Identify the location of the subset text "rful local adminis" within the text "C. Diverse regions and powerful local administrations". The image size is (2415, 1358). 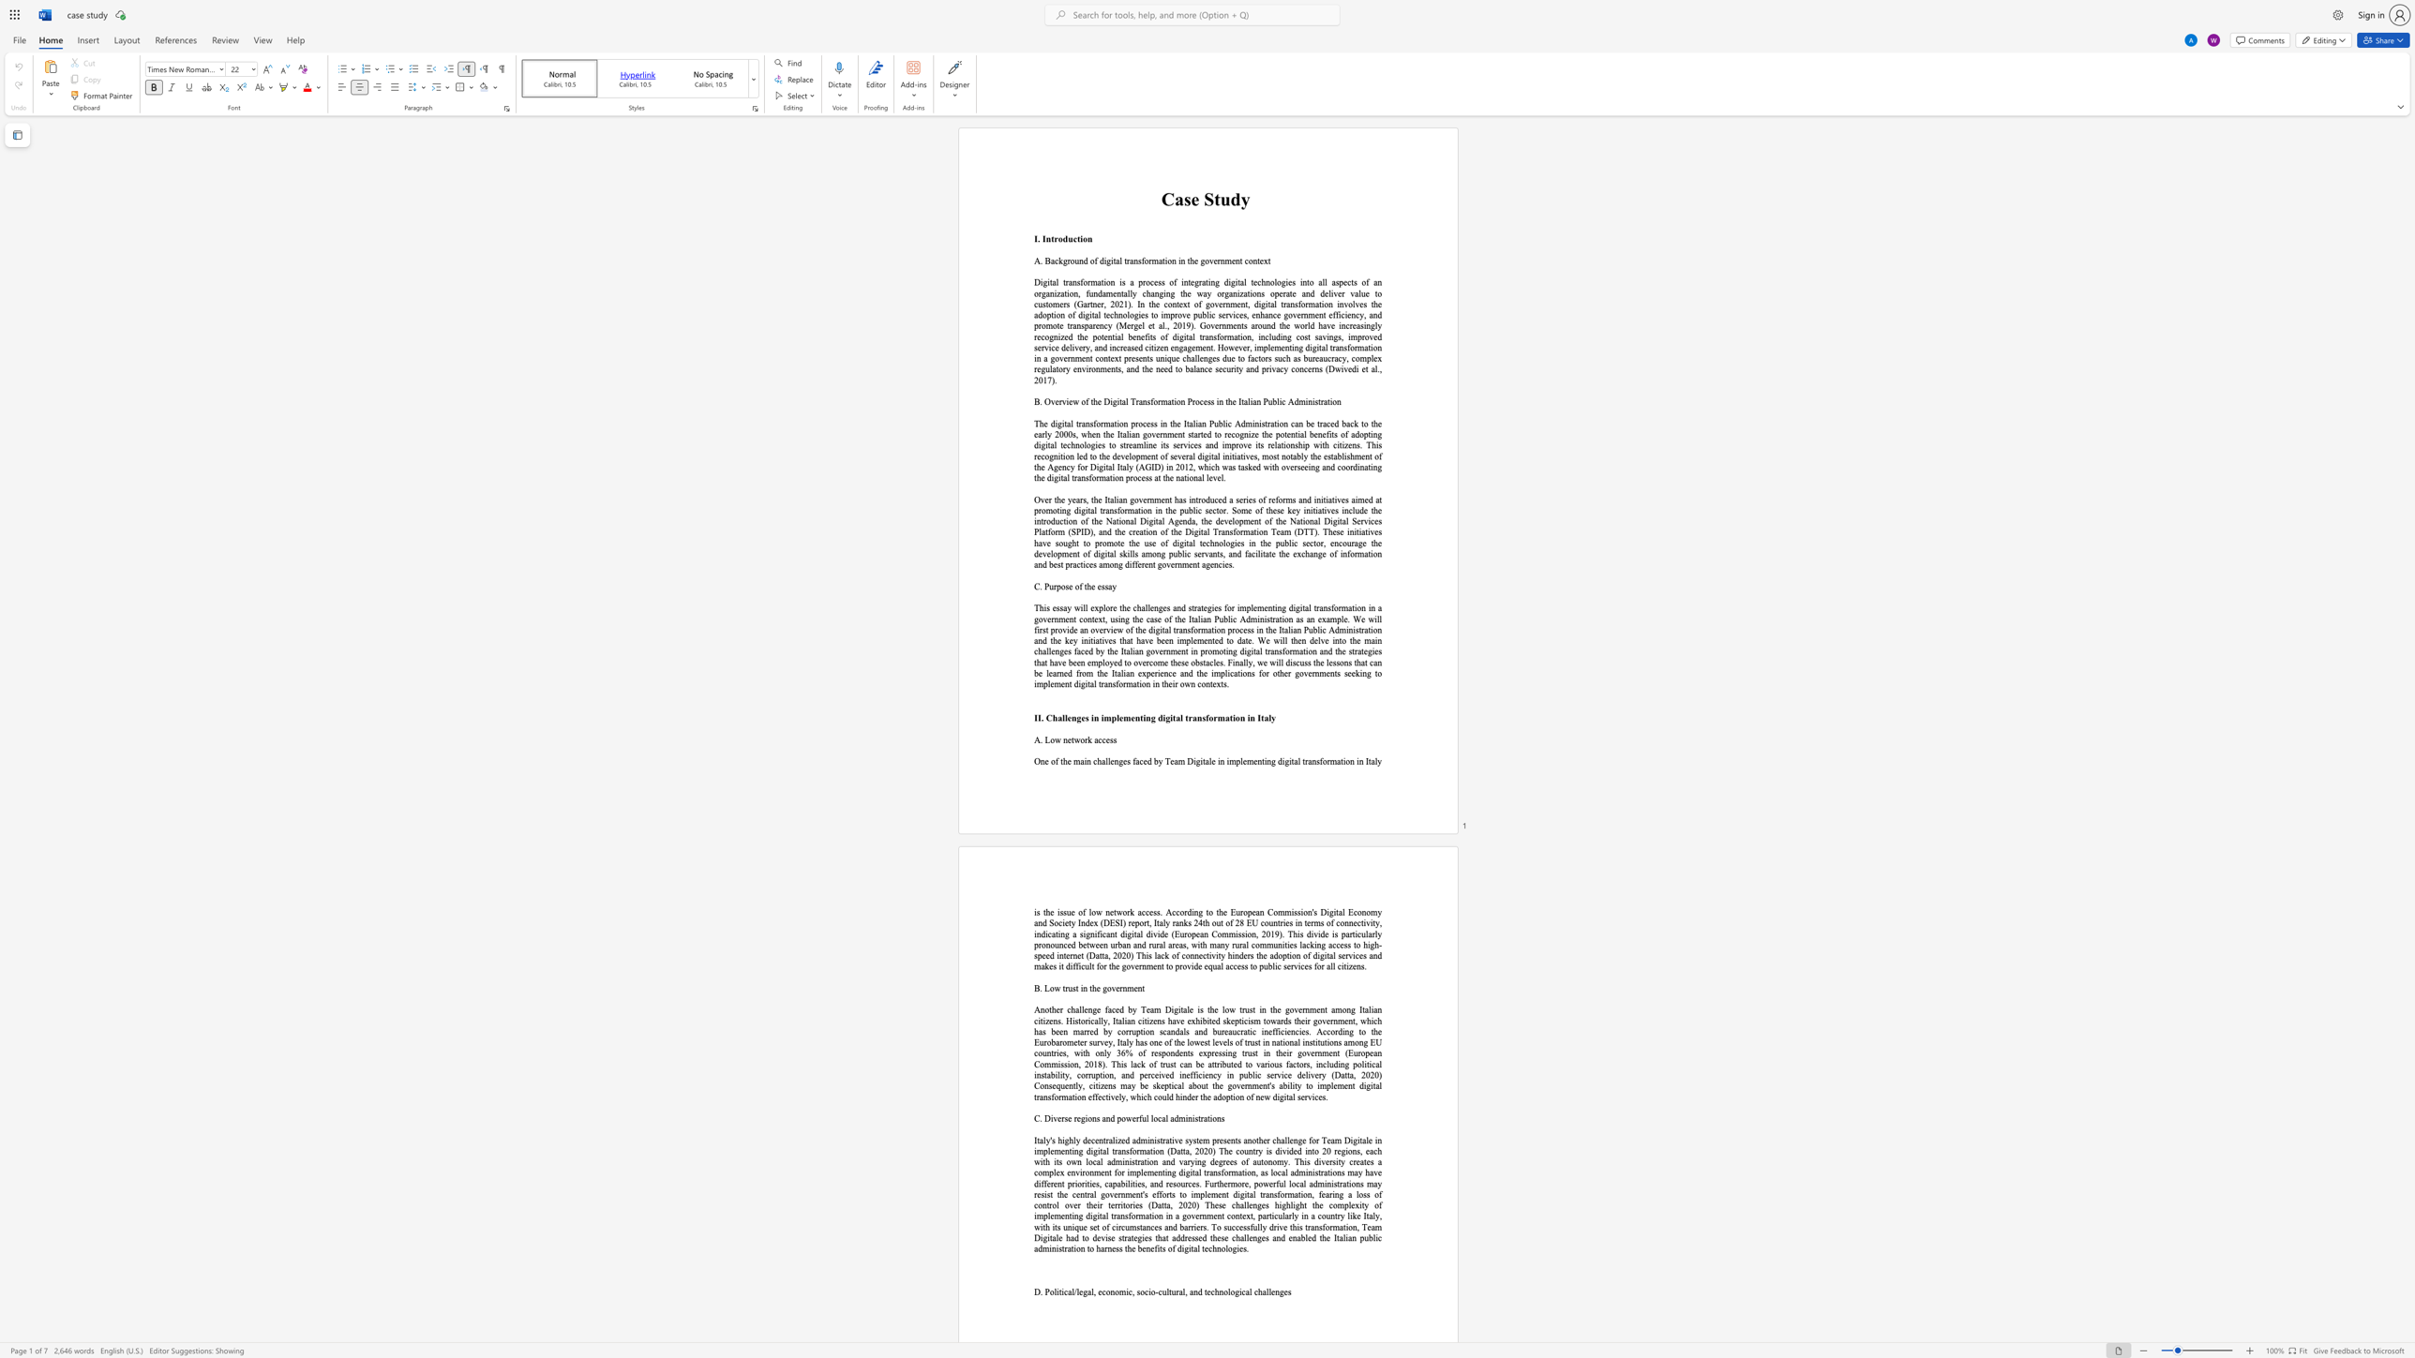
(1135, 1118).